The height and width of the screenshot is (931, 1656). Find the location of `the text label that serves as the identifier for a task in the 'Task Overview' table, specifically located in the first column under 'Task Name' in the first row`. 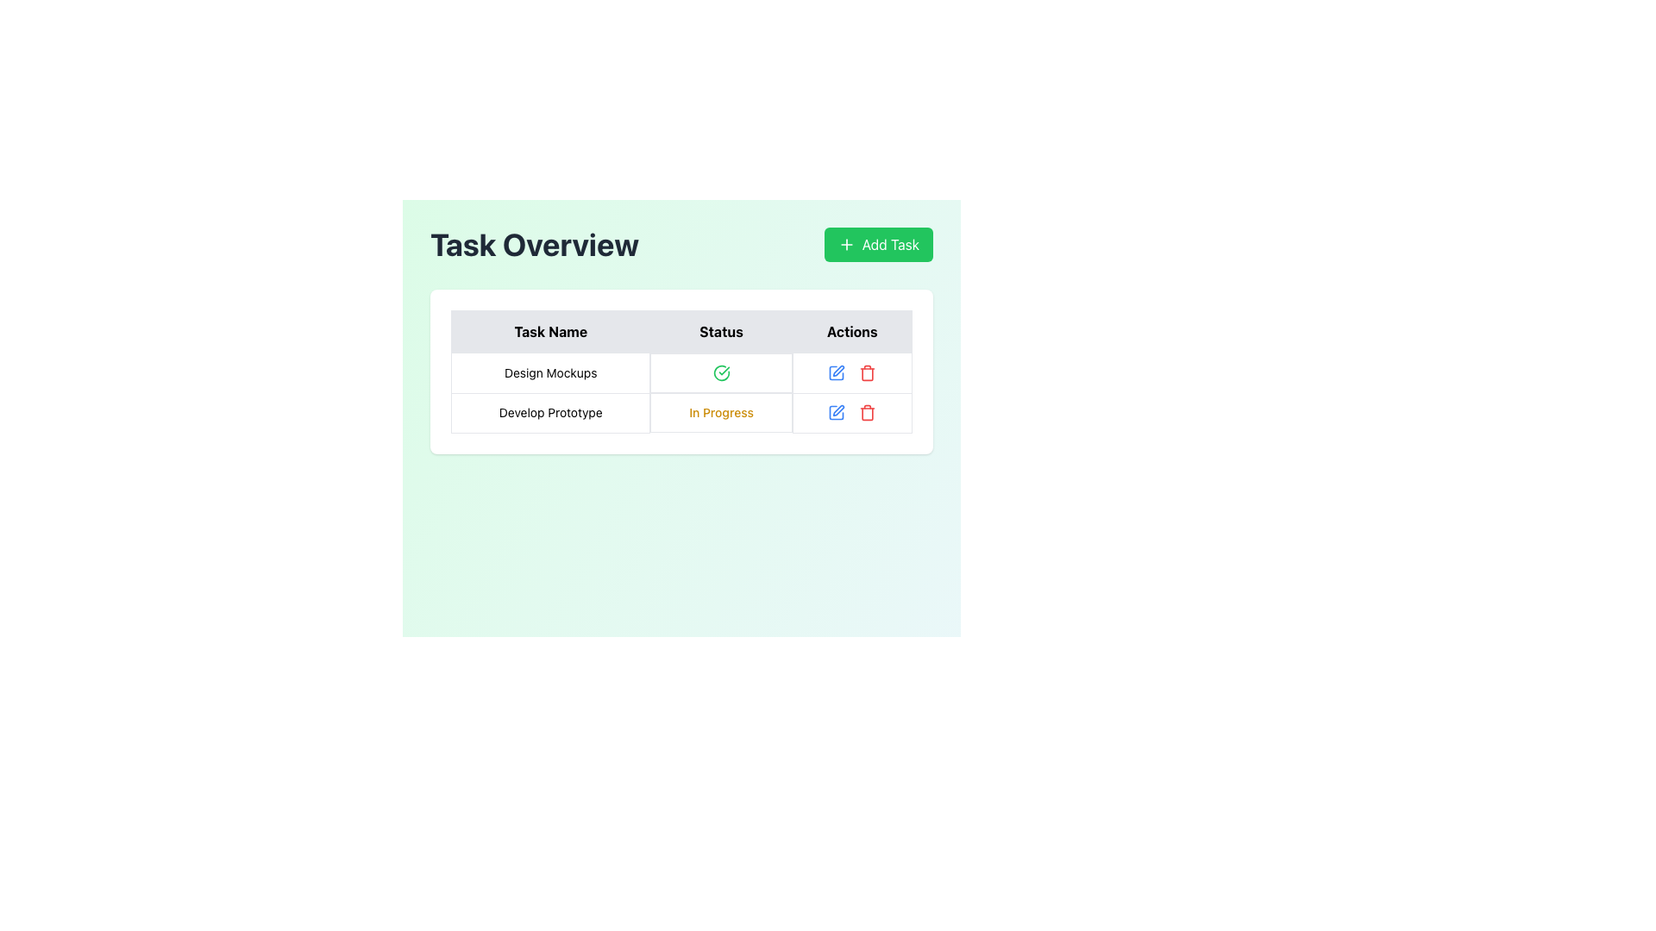

the text label that serves as the identifier for a task in the 'Task Overview' table, specifically located in the first column under 'Task Name' in the first row is located at coordinates (549, 372).